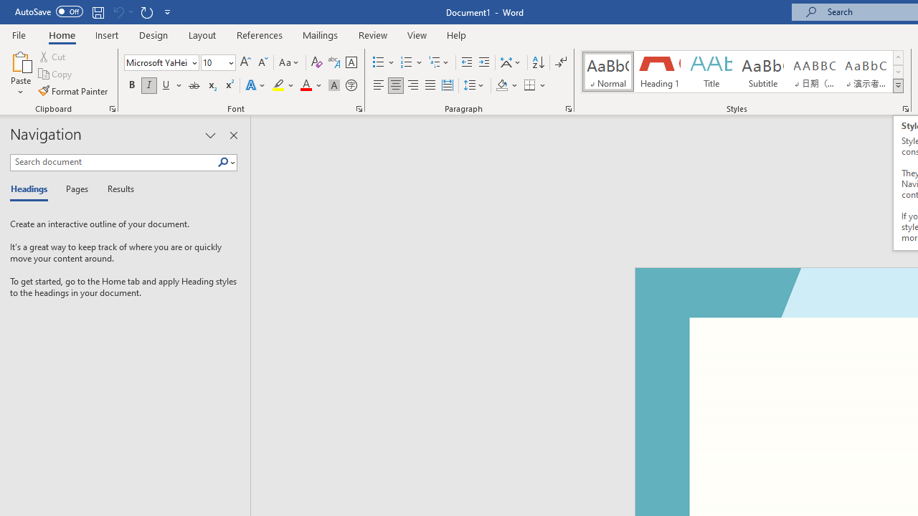  Describe the element at coordinates (447, 85) in the screenshot. I see `'Distributed'` at that location.